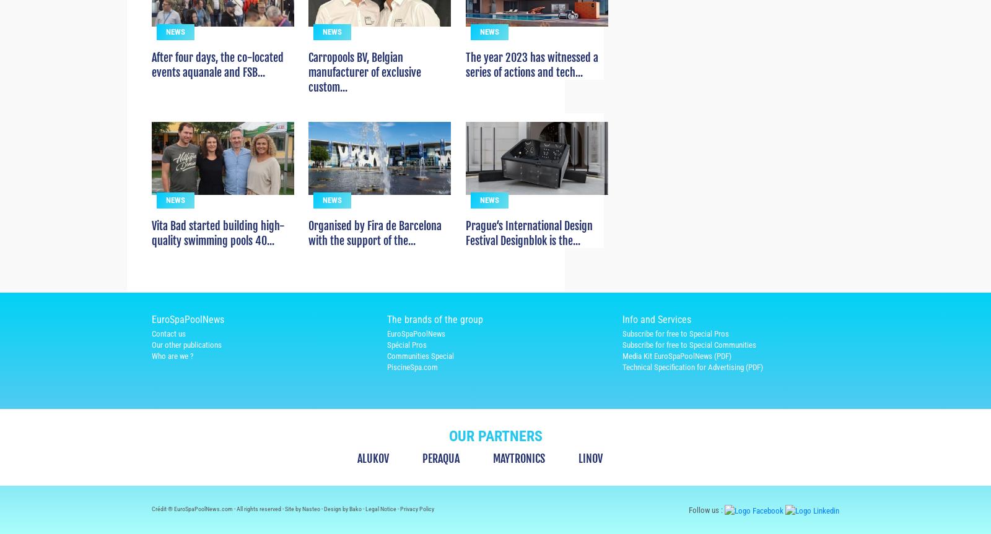 The height and width of the screenshot is (534, 991). Describe the element at coordinates (218, 256) in the screenshot. I see `'Vita Bad started building high-quality swimming pools 40...'` at that location.